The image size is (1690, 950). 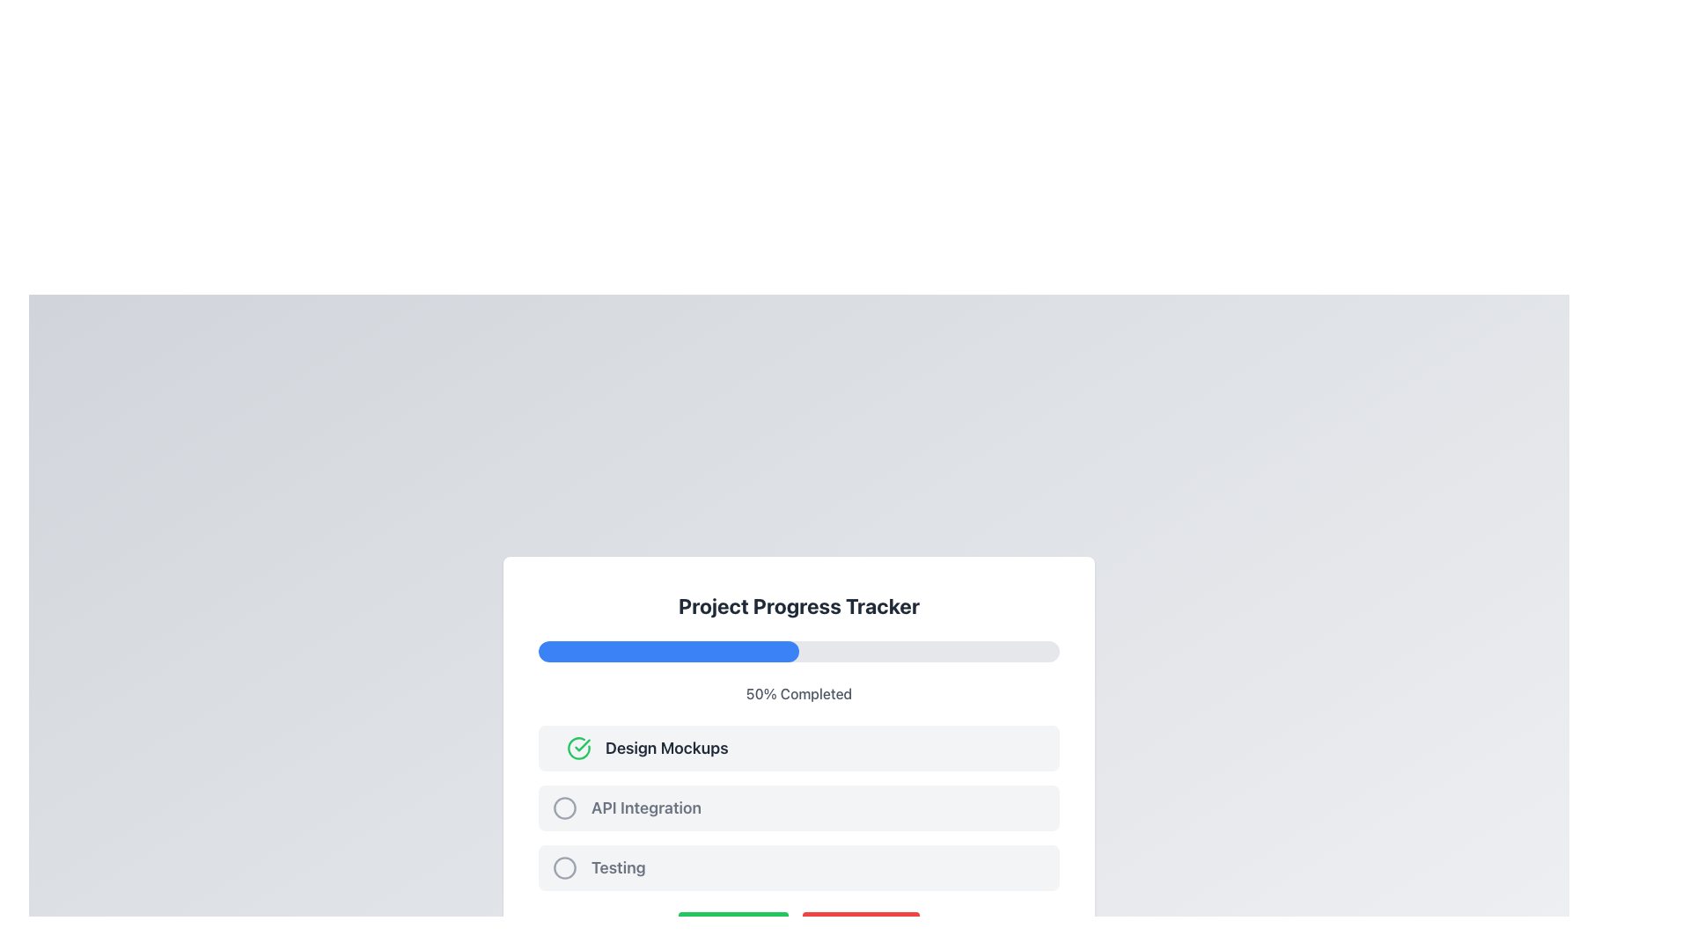 What do you see at coordinates (797, 807) in the screenshot?
I see `the radio button labeled 'API Integration'` at bounding box center [797, 807].